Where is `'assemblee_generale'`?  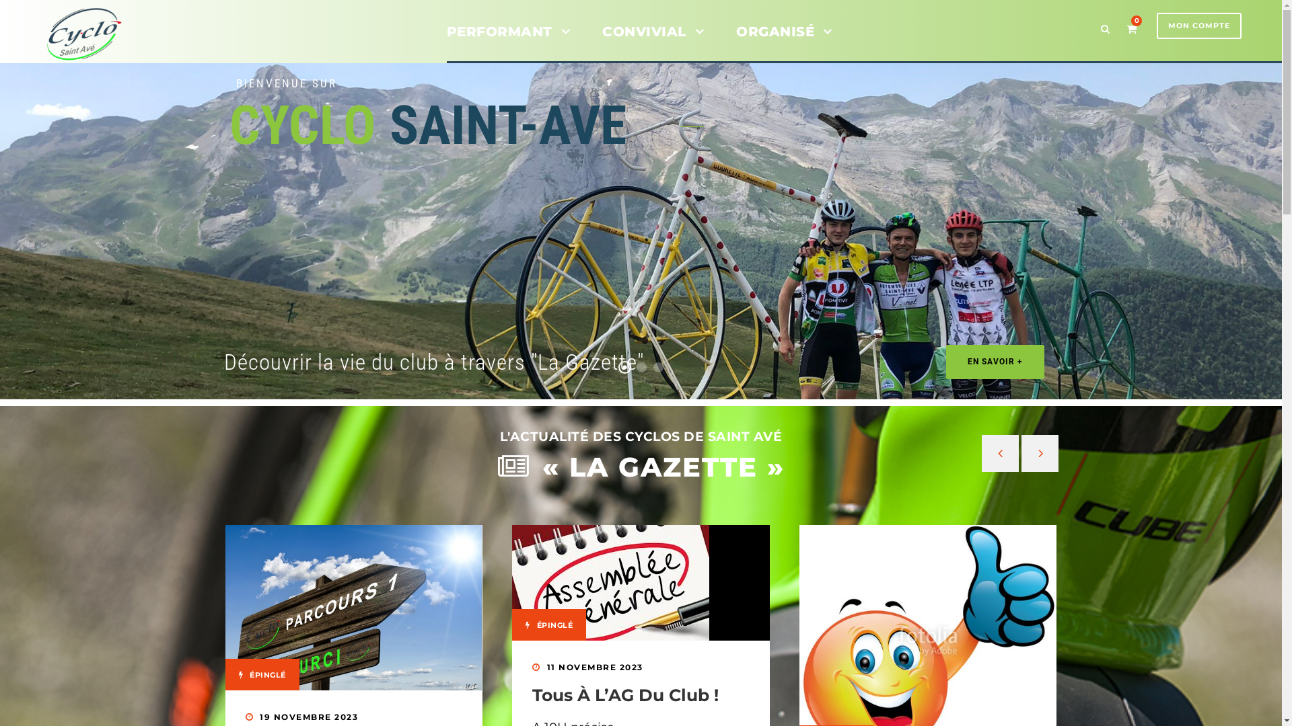
'assemblee_generale' is located at coordinates (610, 582).